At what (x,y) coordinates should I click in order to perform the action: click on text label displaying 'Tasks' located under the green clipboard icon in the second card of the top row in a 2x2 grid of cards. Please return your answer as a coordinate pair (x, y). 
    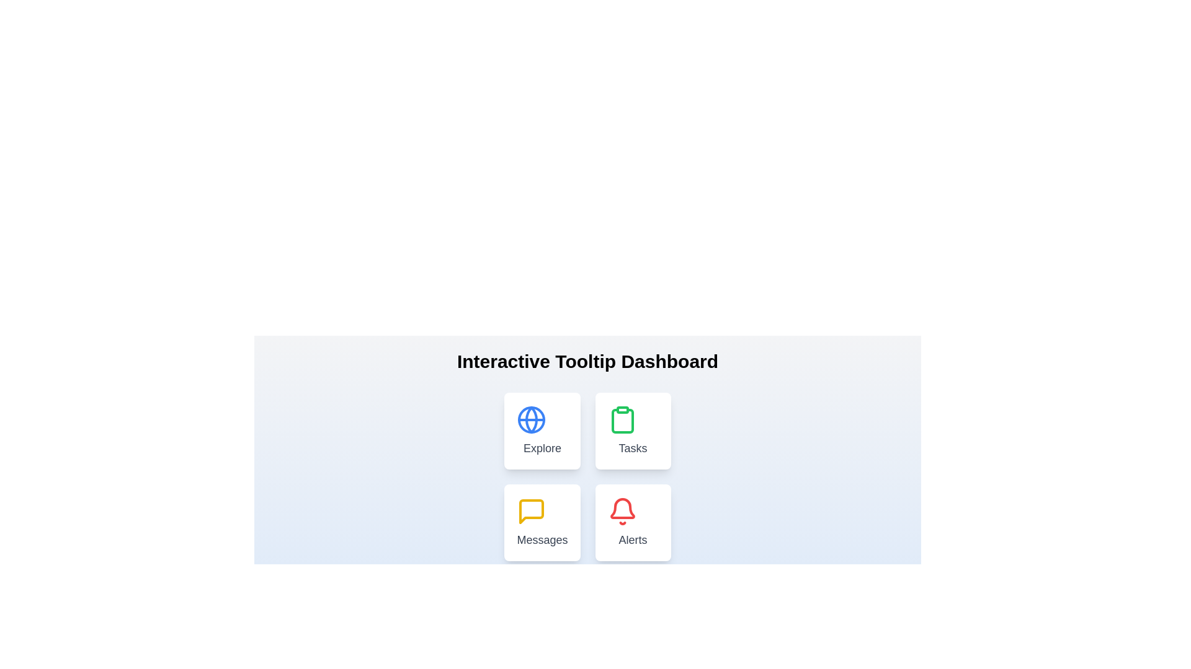
    Looking at the image, I should click on (633, 448).